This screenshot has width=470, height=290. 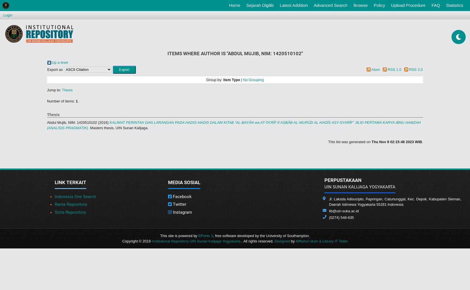 I want to click on 'Facebook', so click(x=181, y=196).